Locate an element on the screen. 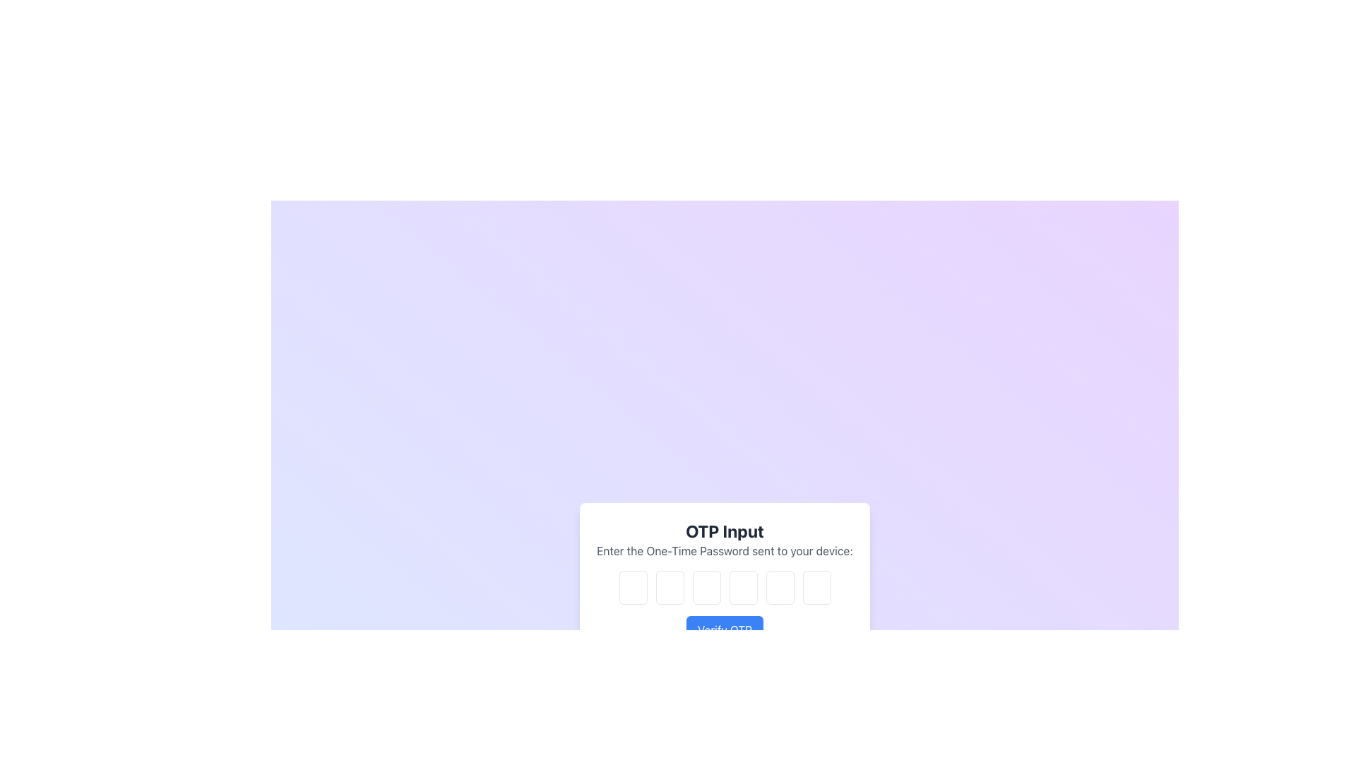 The width and height of the screenshot is (1356, 763). the submit button for OTP verification, located at the bottom of the OTP input form card is located at coordinates (725, 629).